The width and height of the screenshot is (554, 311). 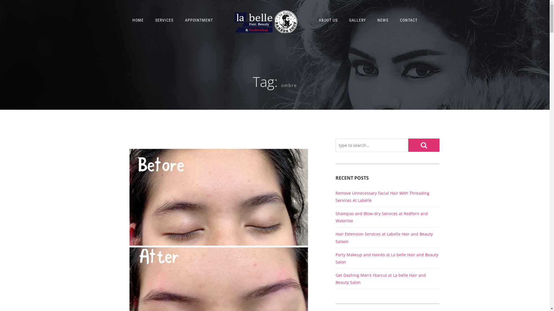 I want to click on 'GALLERY', so click(x=357, y=20).